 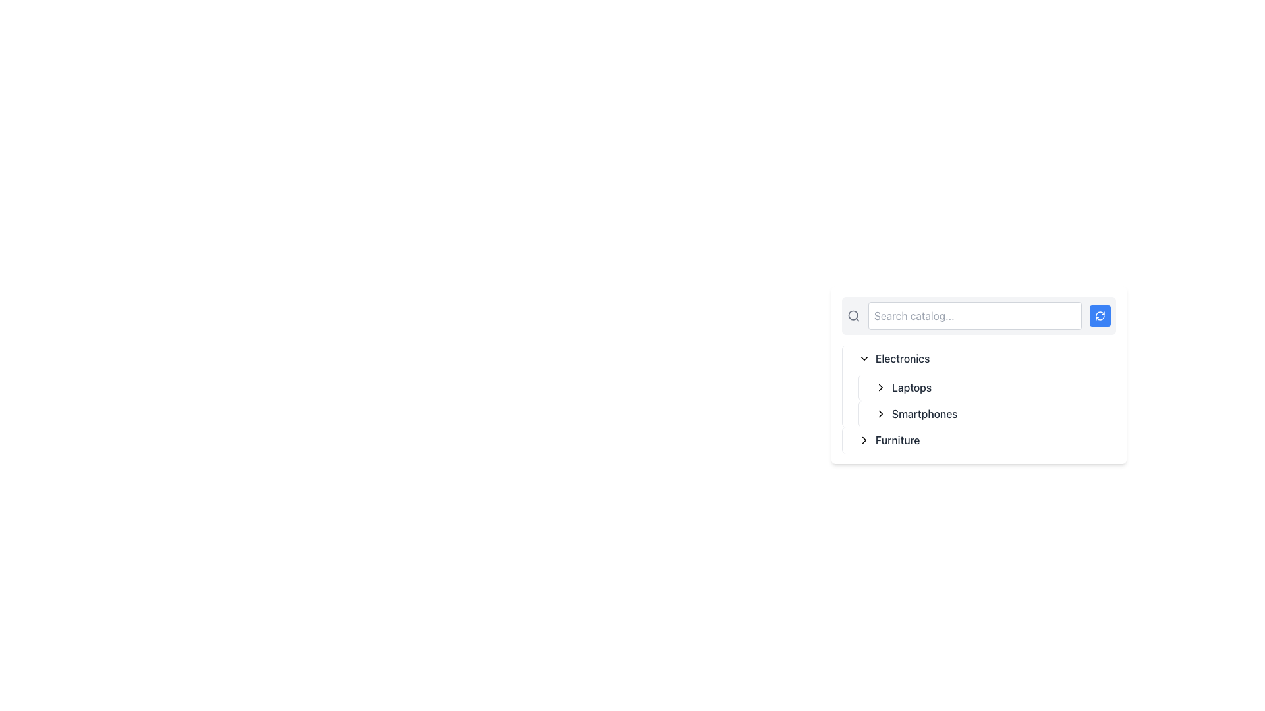 I want to click on the 'Furniture' text label in the navigation menu, so click(x=897, y=440).